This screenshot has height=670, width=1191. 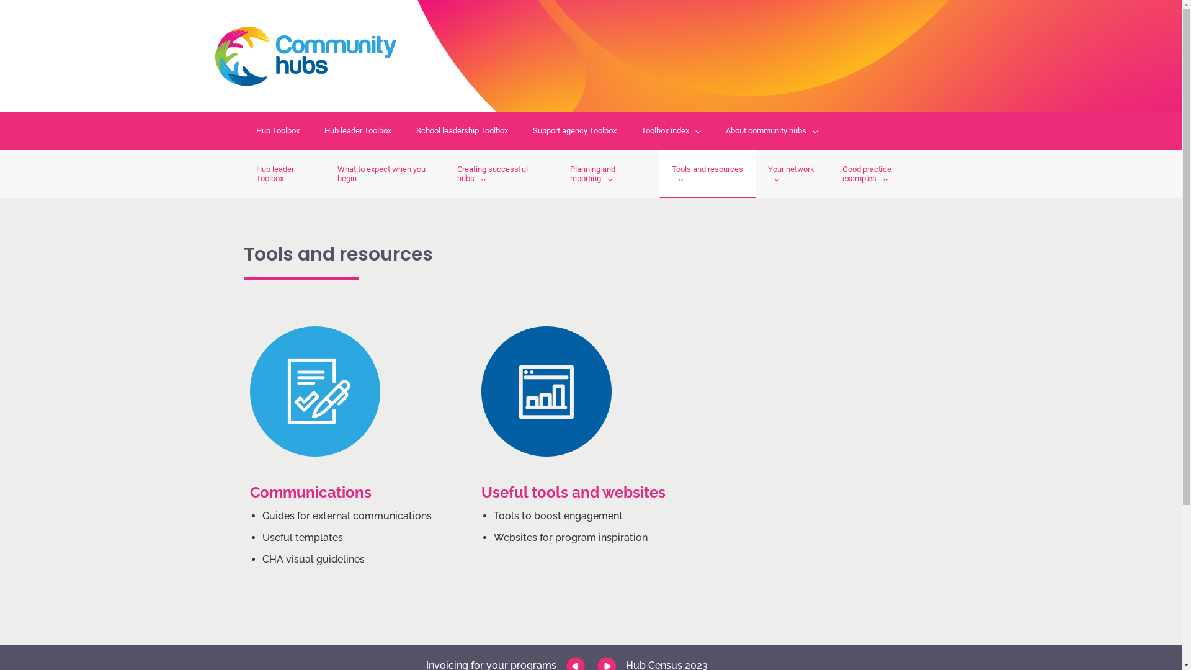 What do you see at coordinates (311, 131) in the screenshot?
I see `'Hub leader Toolbox'` at bounding box center [311, 131].